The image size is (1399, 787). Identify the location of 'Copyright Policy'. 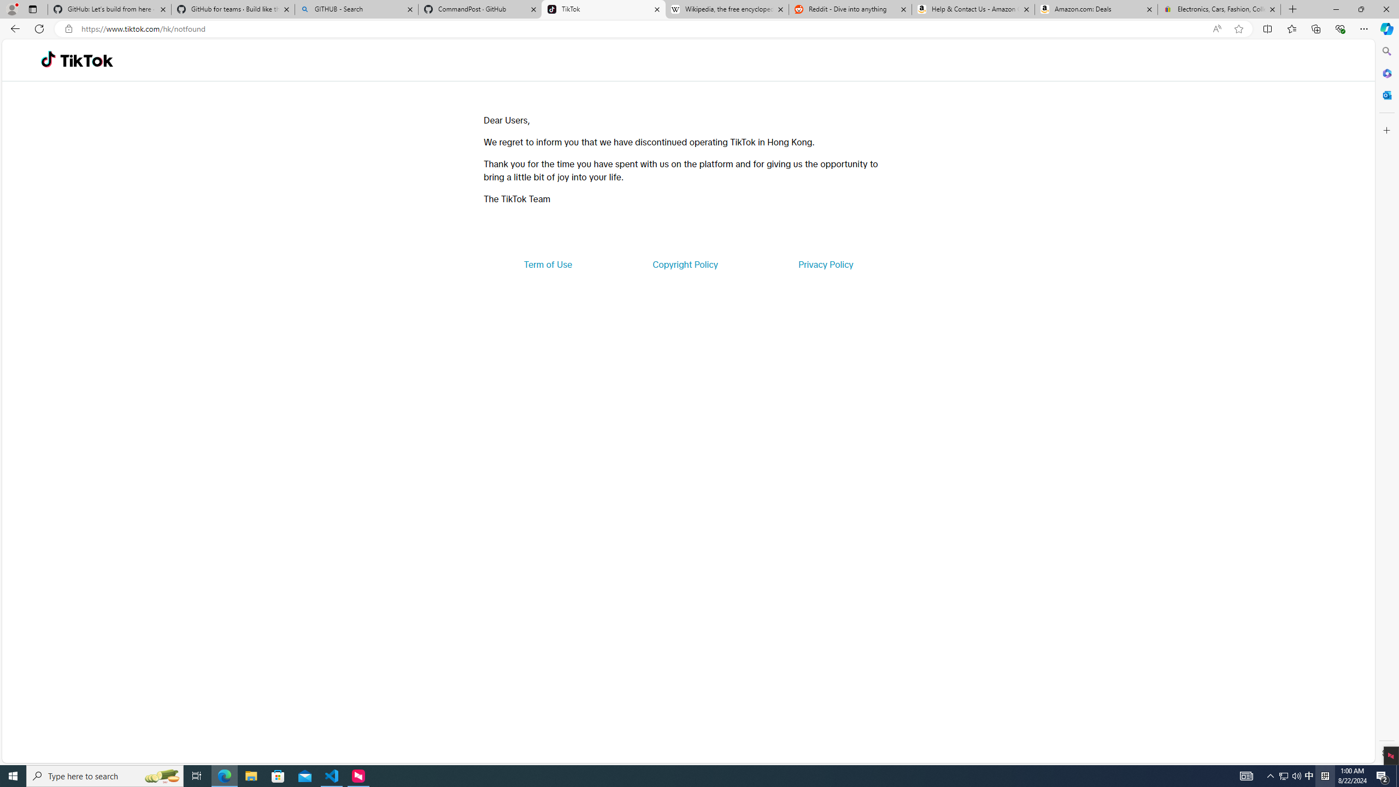
(684, 263).